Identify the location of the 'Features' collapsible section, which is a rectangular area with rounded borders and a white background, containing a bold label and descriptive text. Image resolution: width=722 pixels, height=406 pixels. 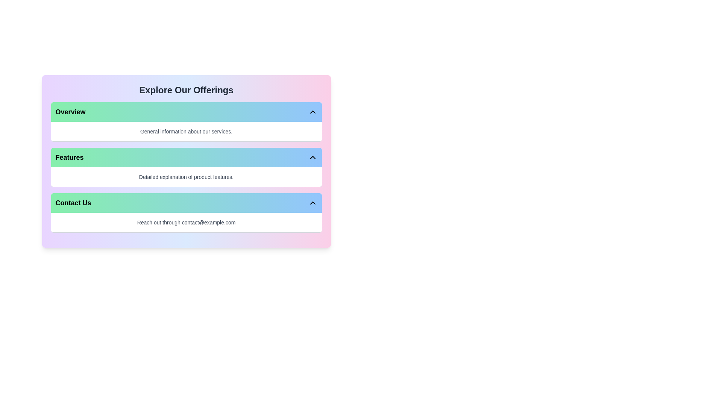
(186, 167).